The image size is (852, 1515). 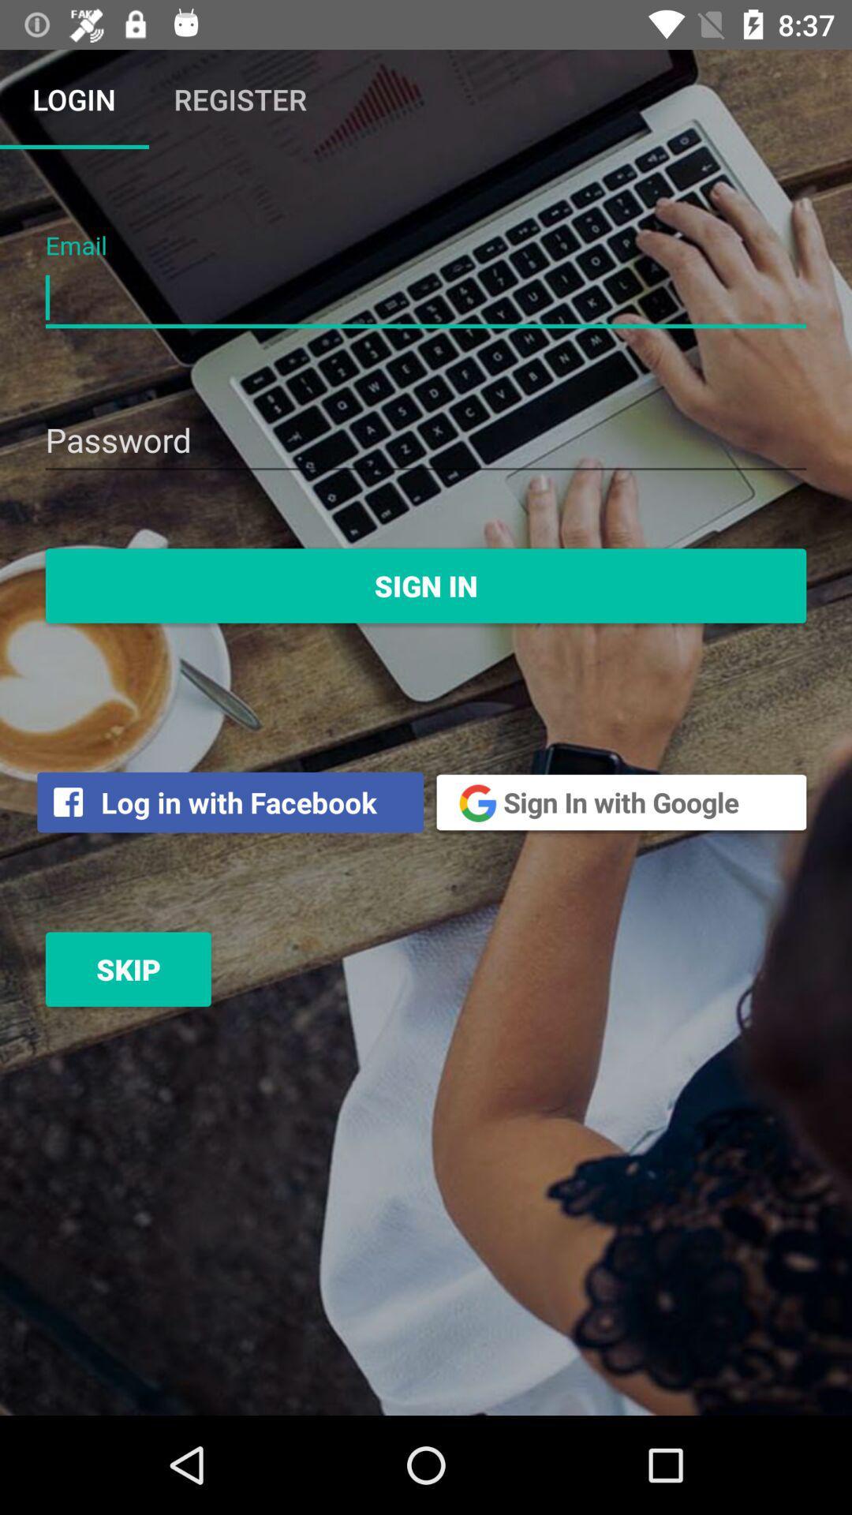 I want to click on field to put email address, so click(x=426, y=298).